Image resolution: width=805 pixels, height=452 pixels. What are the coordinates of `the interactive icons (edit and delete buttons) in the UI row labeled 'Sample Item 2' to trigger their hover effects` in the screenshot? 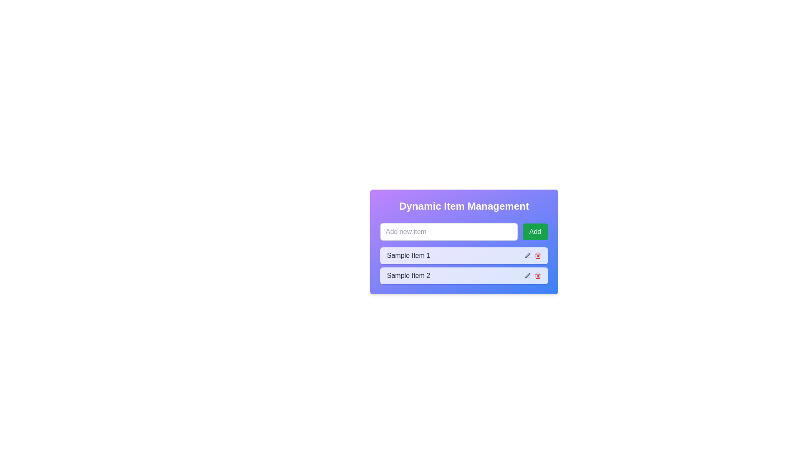 It's located at (532, 276).